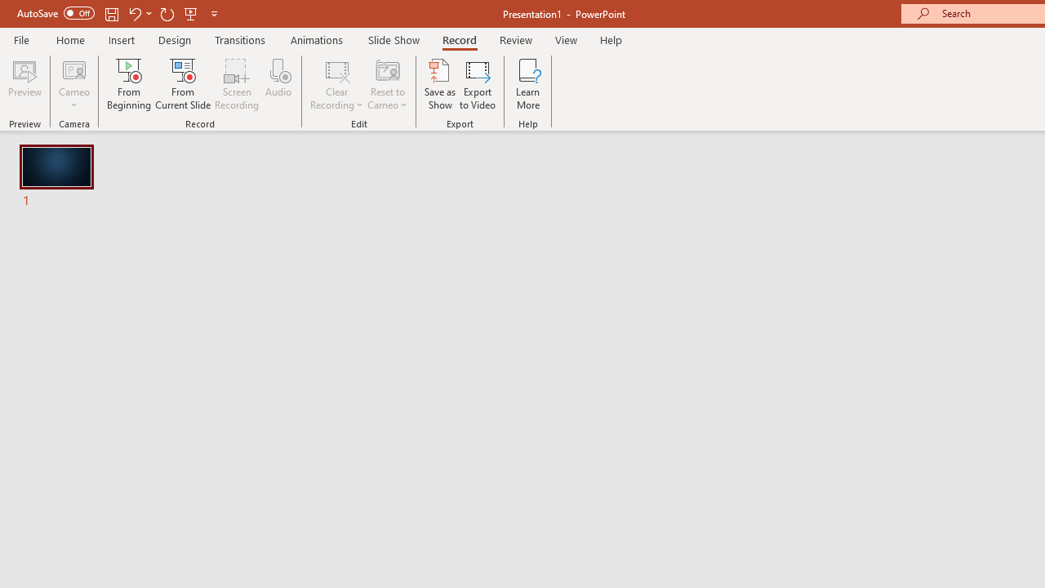 This screenshot has height=588, width=1045. Describe the element at coordinates (440, 84) in the screenshot. I see `'Save as Show'` at that location.